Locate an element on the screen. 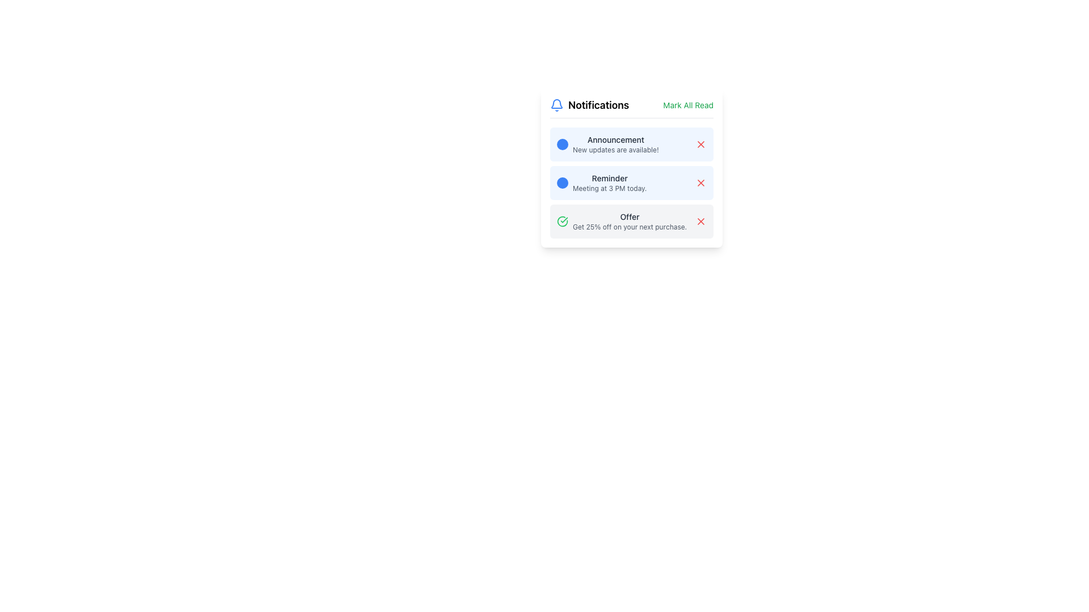 The width and height of the screenshot is (1089, 612). the red circular button with a white 'X' icon is located at coordinates (700, 221).